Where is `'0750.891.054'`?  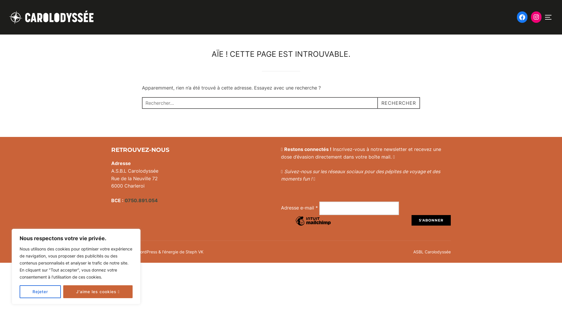 '0750.891.054' is located at coordinates (141, 200).